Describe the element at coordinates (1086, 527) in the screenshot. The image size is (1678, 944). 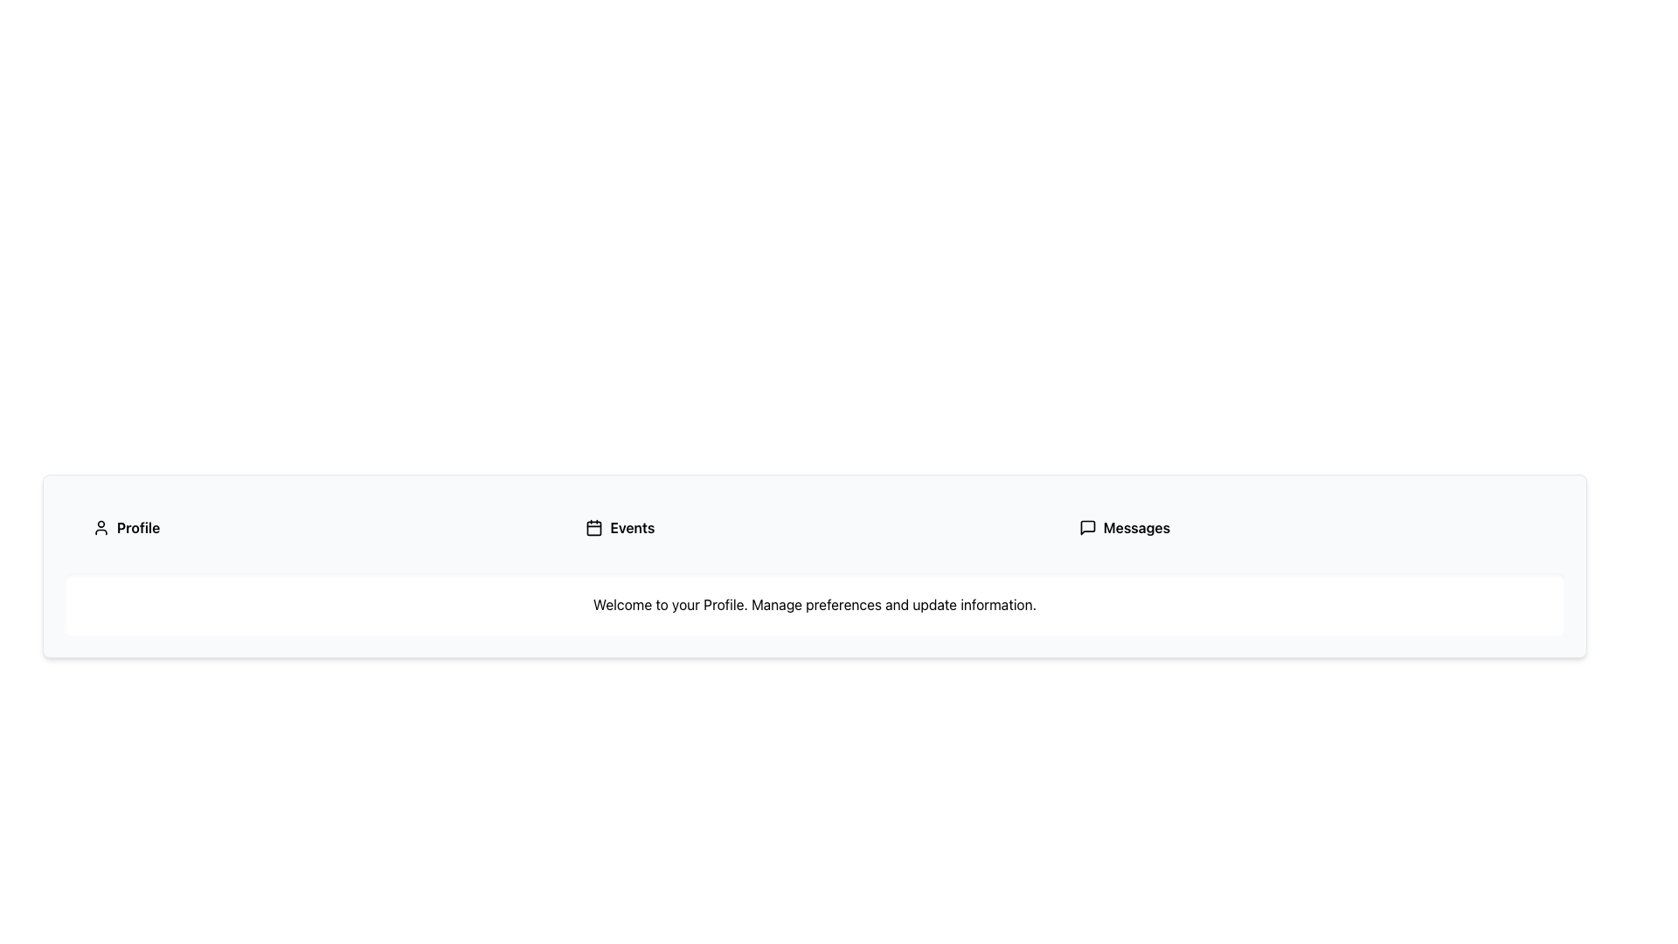
I see `the messaging icon located in the top navigation bar, rightmost section, next to the 'Messages' label` at that location.